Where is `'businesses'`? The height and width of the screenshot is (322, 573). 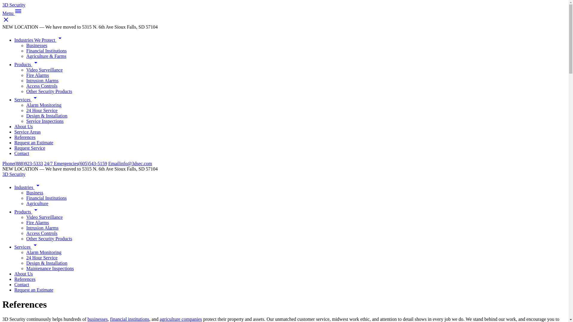
'businesses' is located at coordinates (97, 319).